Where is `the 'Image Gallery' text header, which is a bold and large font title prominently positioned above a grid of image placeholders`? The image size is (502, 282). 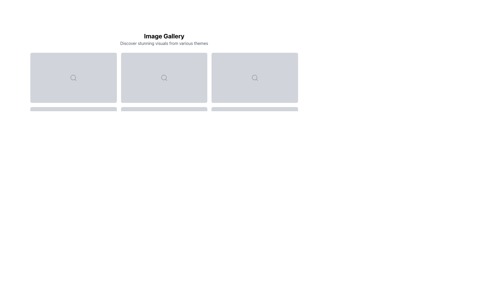 the 'Image Gallery' text header, which is a bold and large font title prominently positioned above a grid of image placeholders is located at coordinates (164, 36).